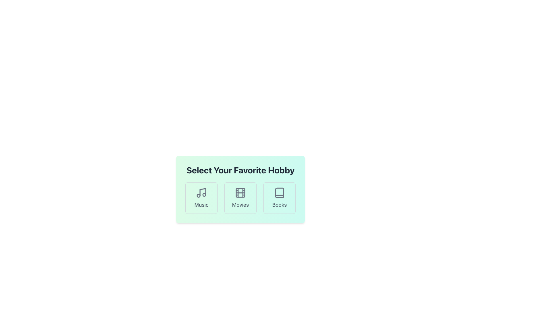  Describe the element at coordinates (203, 192) in the screenshot. I see `the music note icon, which is part of the 'Music' button located in the first column of a three-column layout` at that location.